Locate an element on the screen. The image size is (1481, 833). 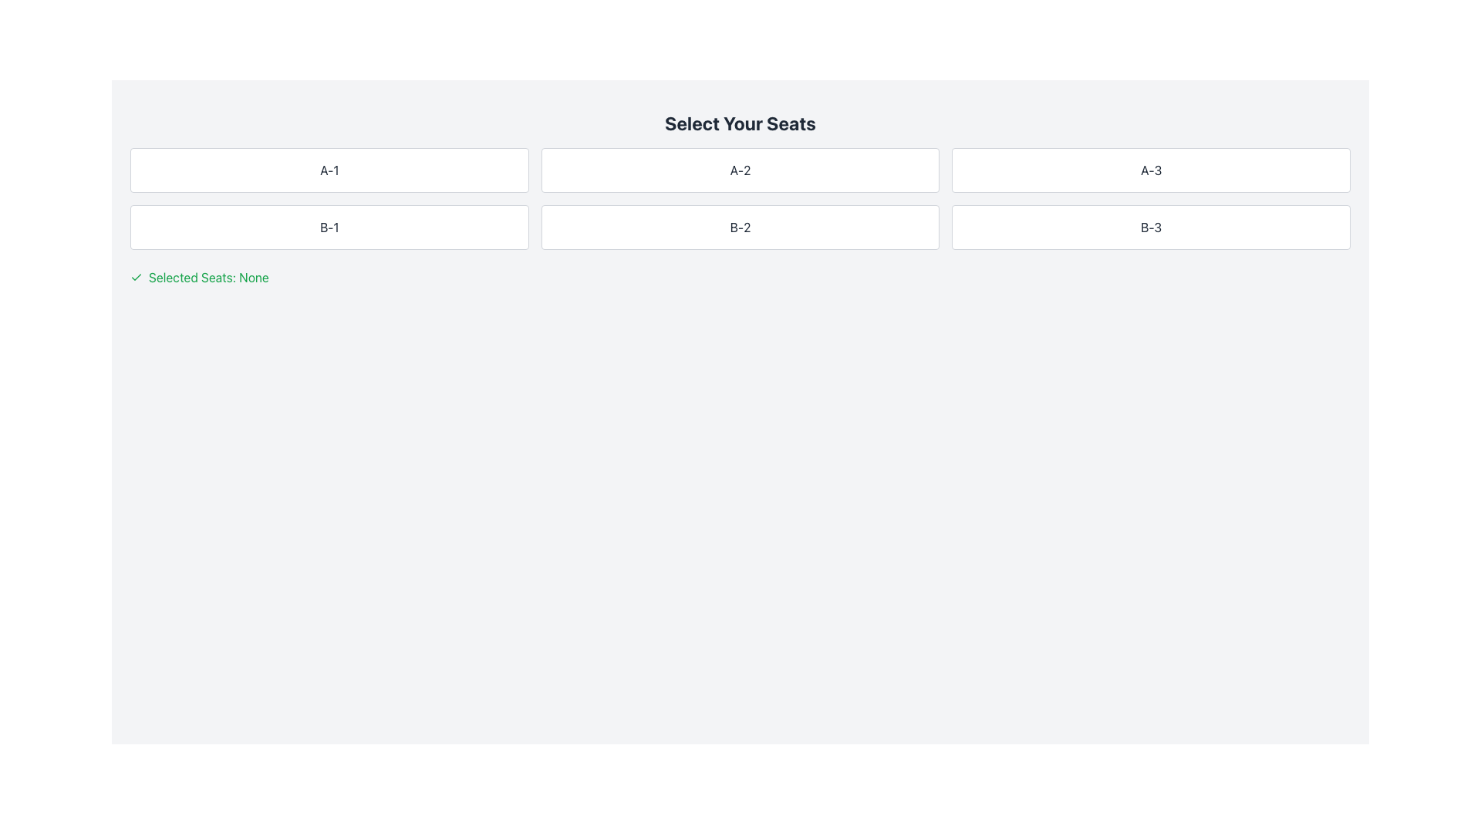
the bold title 'Select Your Seats' which is prominently displayed at the top of the content section, centered horizontally above the seat selection grid is located at coordinates (740, 122).